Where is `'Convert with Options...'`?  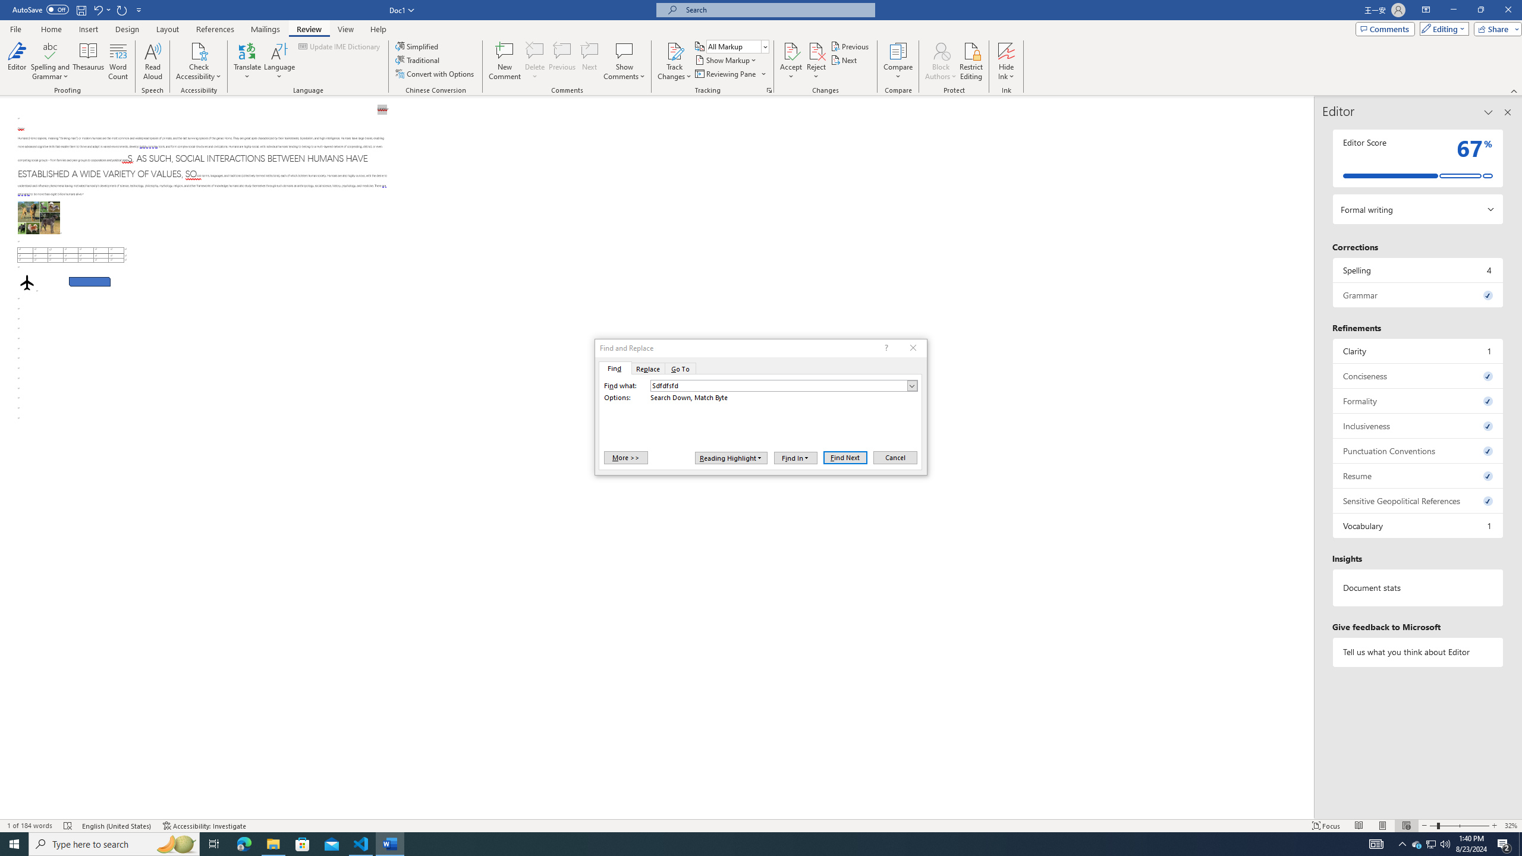
'Convert with Options...' is located at coordinates (436, 73).